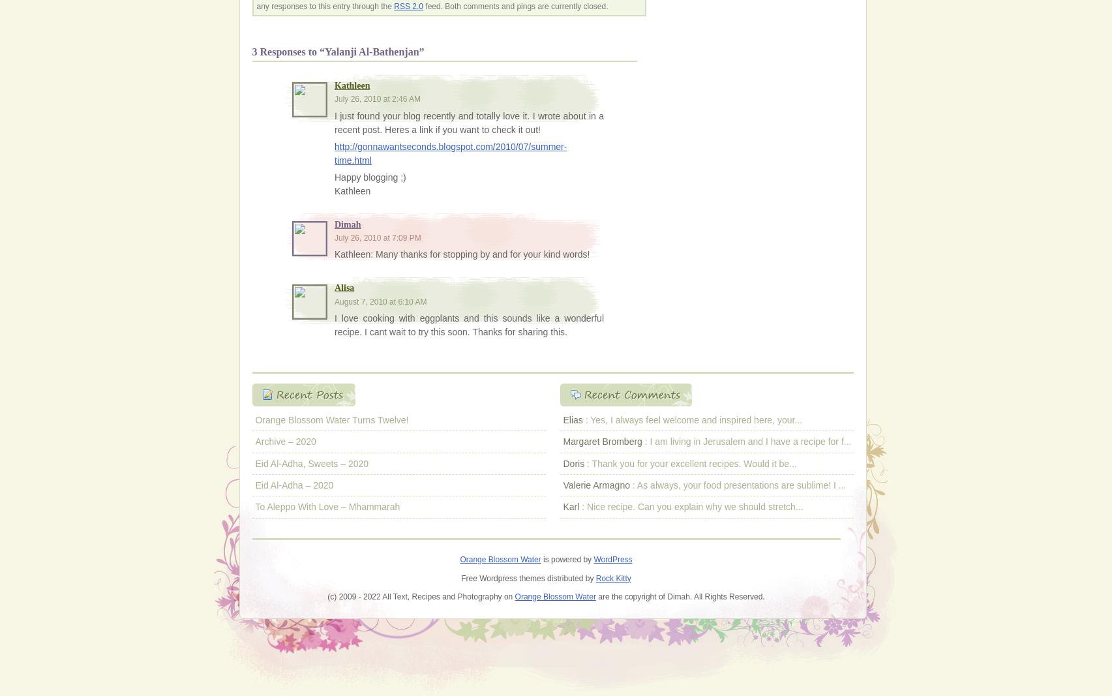 The image size is (1112, 696). I want to click on 'Archive – 2020', so click(284, 442).